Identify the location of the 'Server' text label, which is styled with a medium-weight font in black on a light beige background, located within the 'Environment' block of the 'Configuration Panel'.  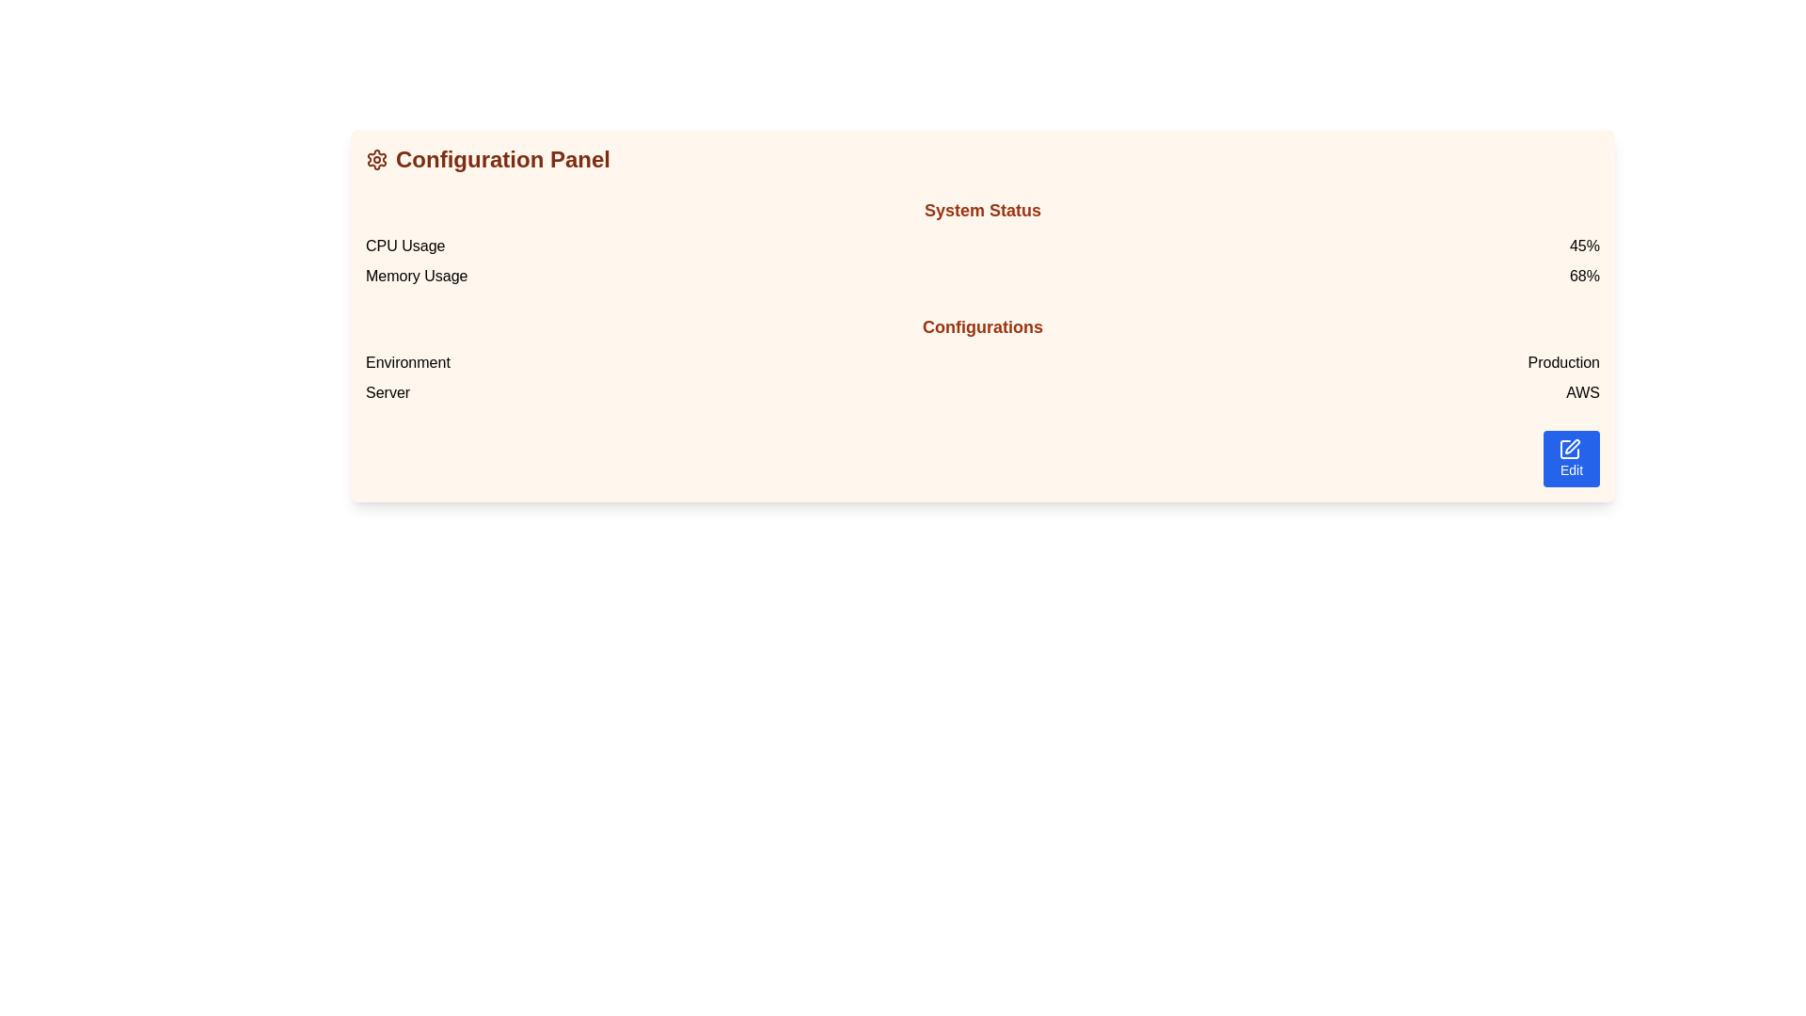
(387, 391).